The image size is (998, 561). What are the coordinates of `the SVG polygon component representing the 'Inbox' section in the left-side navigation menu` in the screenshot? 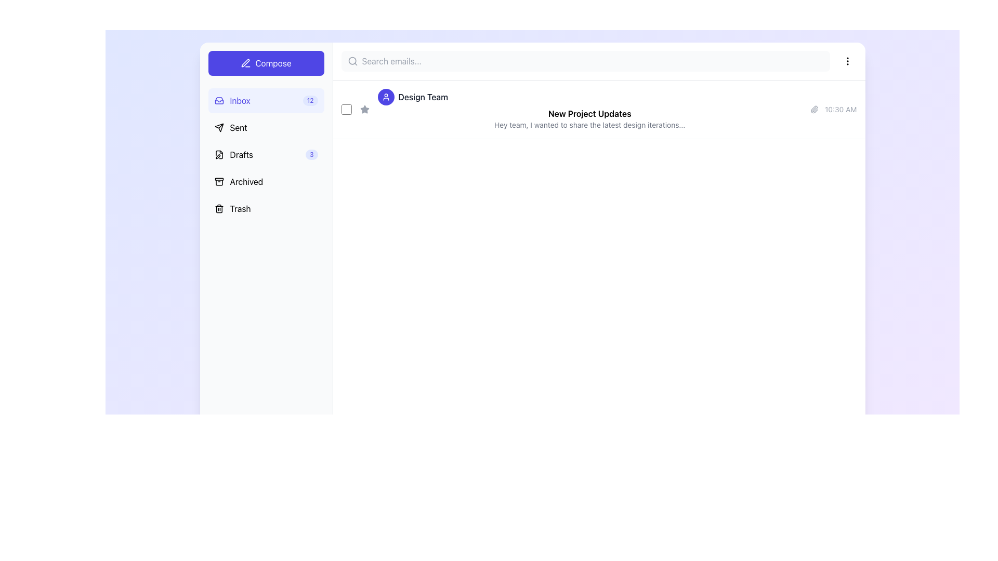 It's located at (218, 101).